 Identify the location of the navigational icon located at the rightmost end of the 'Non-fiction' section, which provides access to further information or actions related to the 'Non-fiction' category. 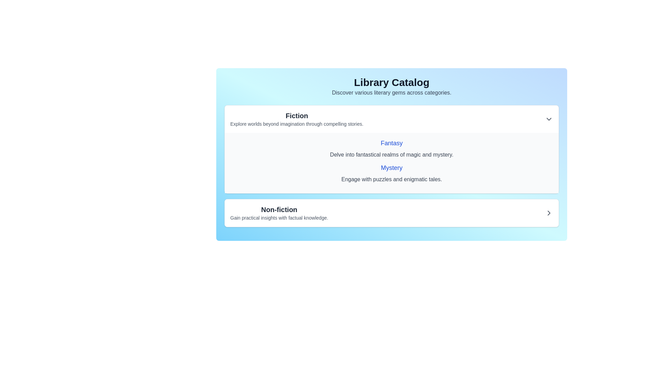
(549, 212).